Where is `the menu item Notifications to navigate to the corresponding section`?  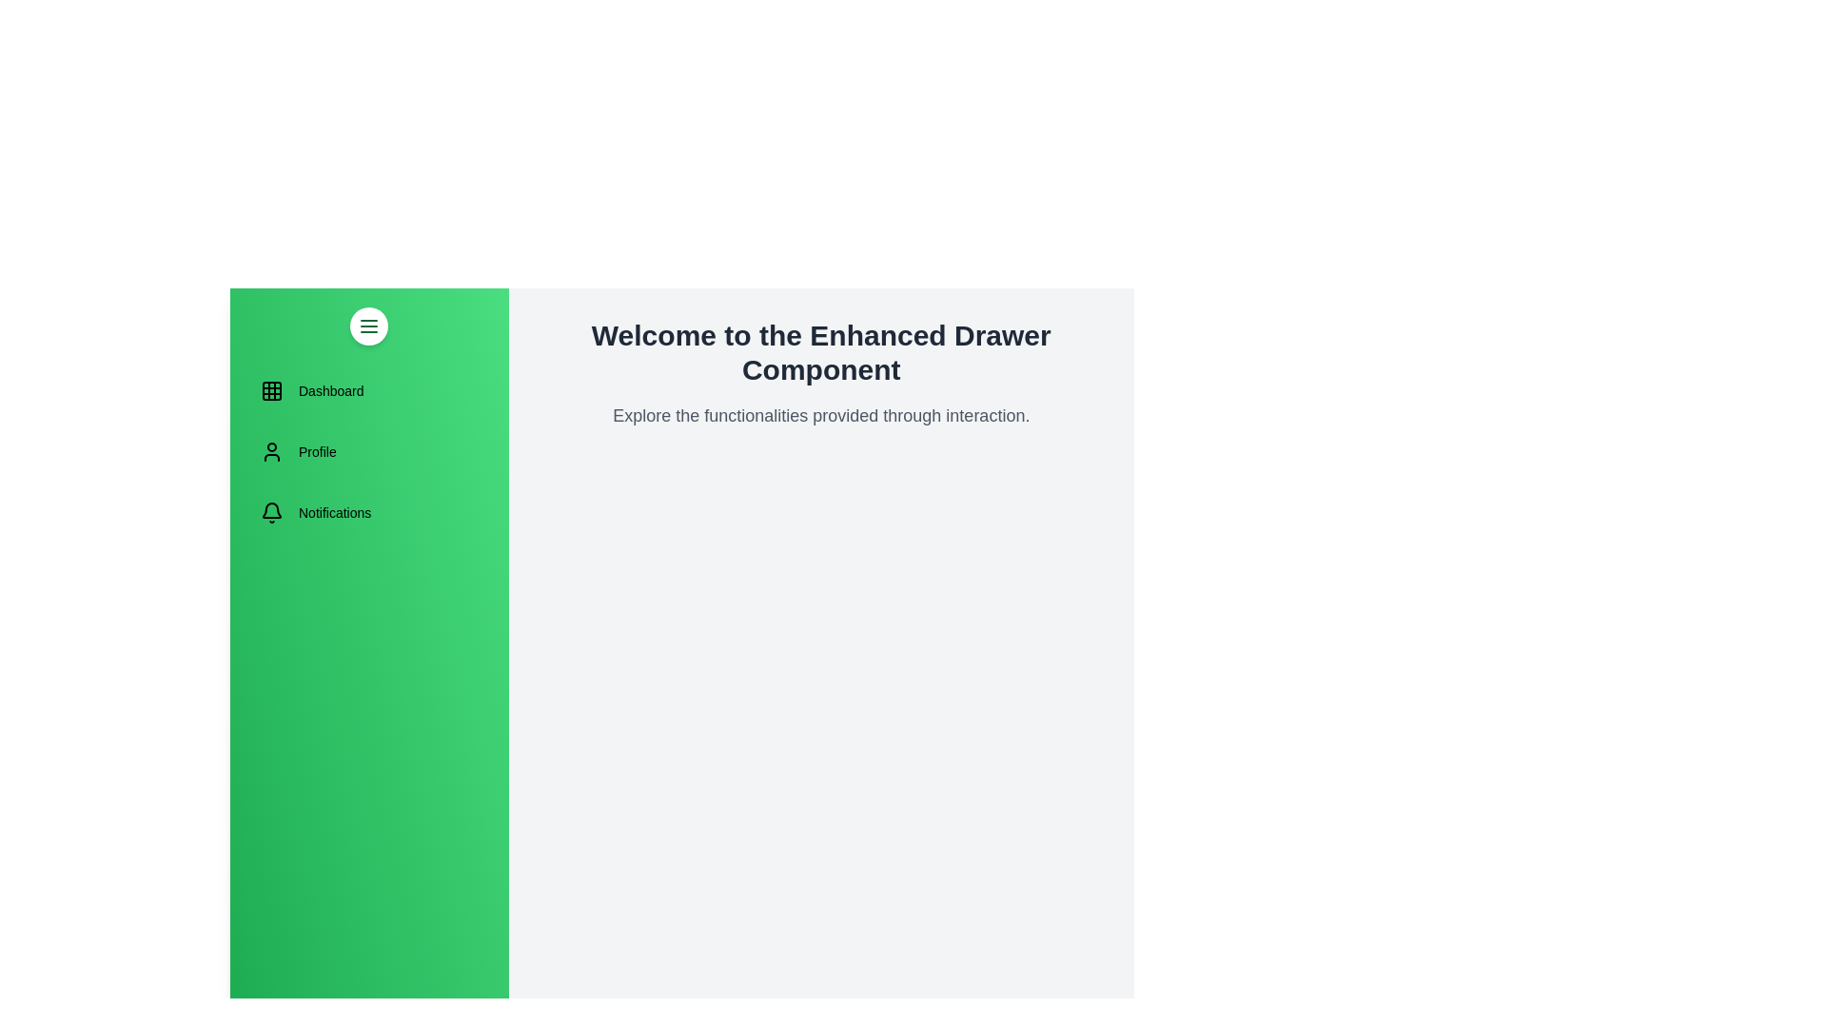
the menu item Notifications to navigate to the corresponding section is located at coordinates (369, 512).